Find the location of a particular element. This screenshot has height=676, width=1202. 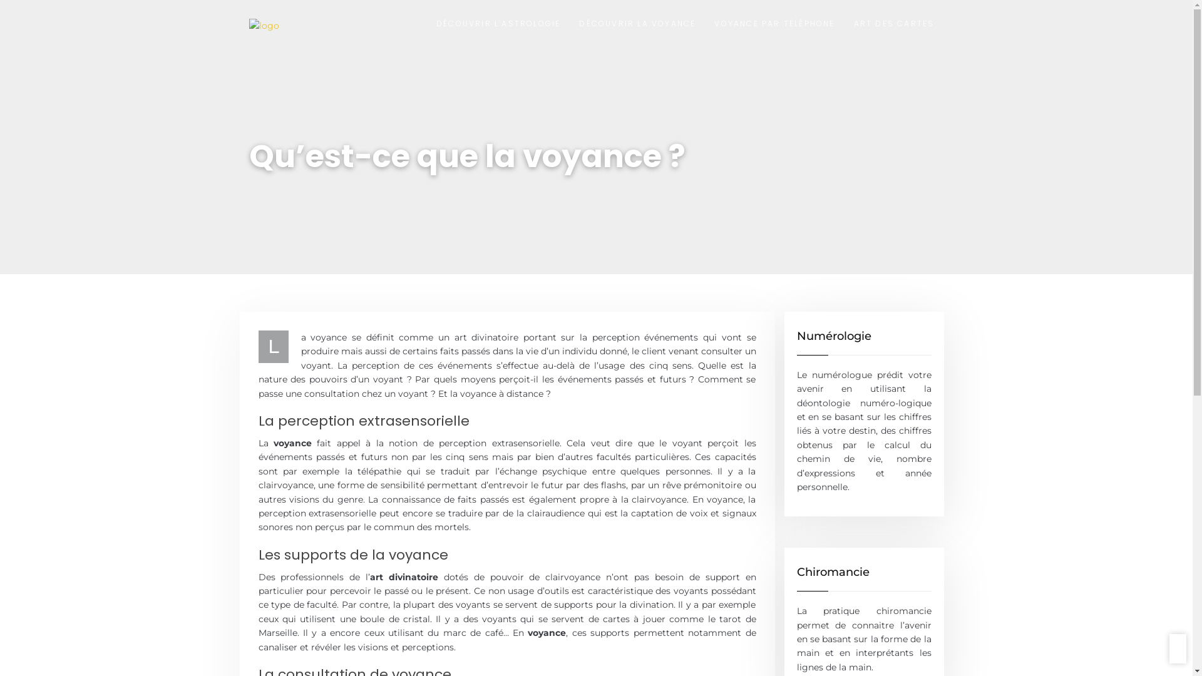

'ART DES CARTES' is located at coordinates (893, 25).